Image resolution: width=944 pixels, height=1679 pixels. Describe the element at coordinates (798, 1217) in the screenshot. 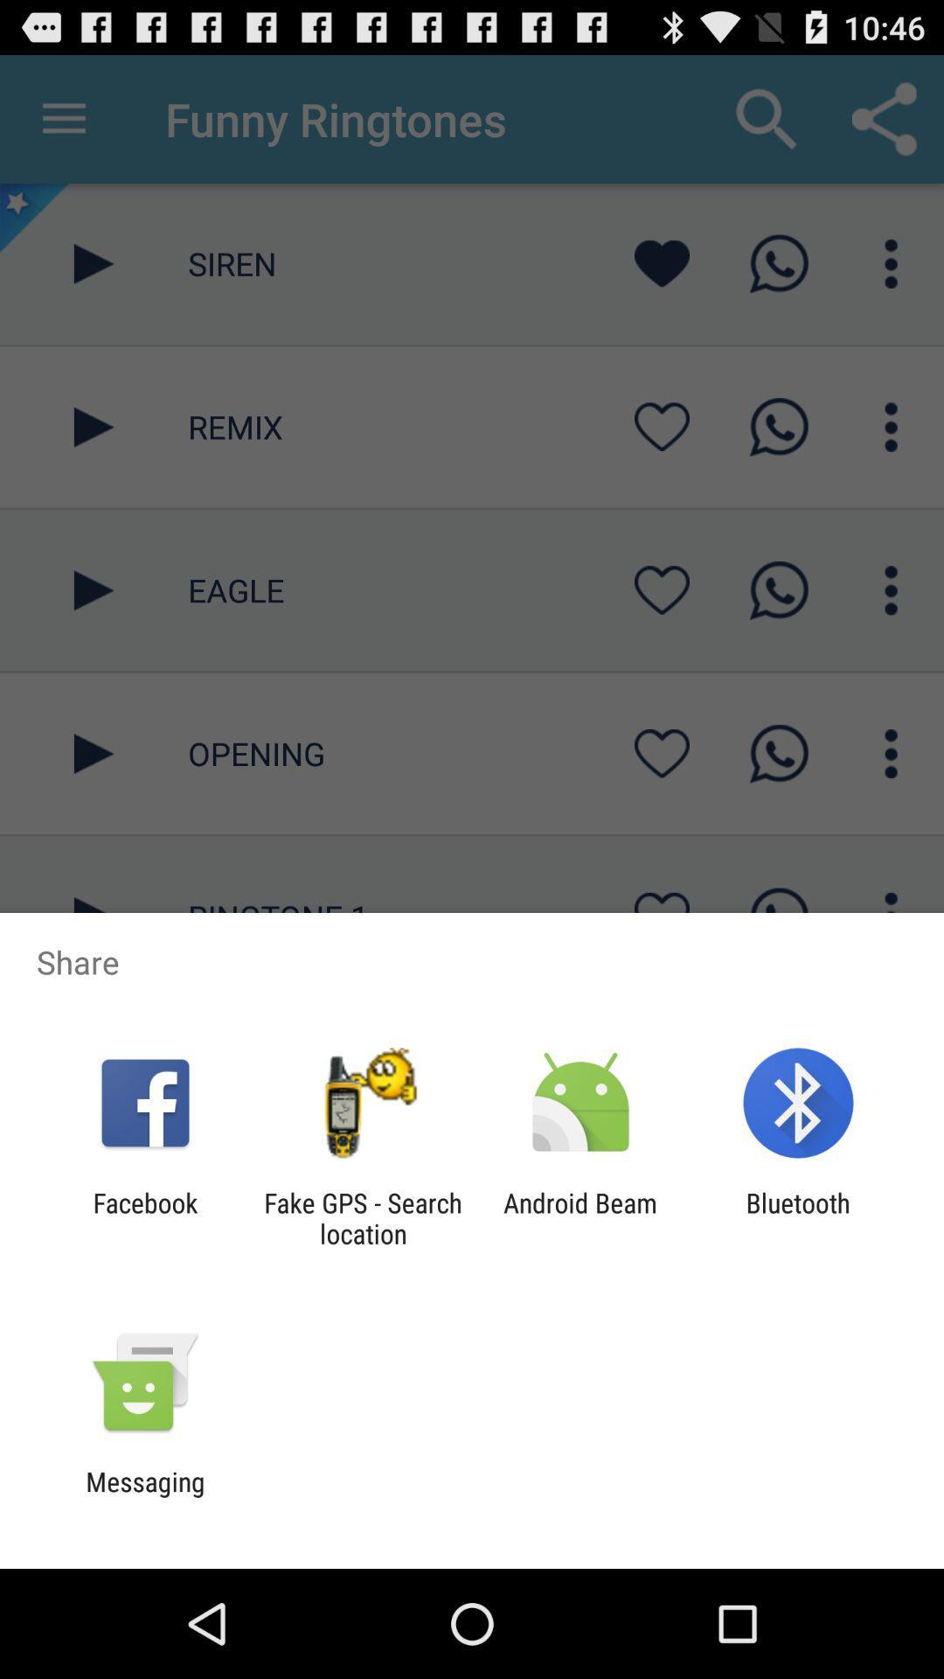

I see `item to the right of android beam item` at that location.